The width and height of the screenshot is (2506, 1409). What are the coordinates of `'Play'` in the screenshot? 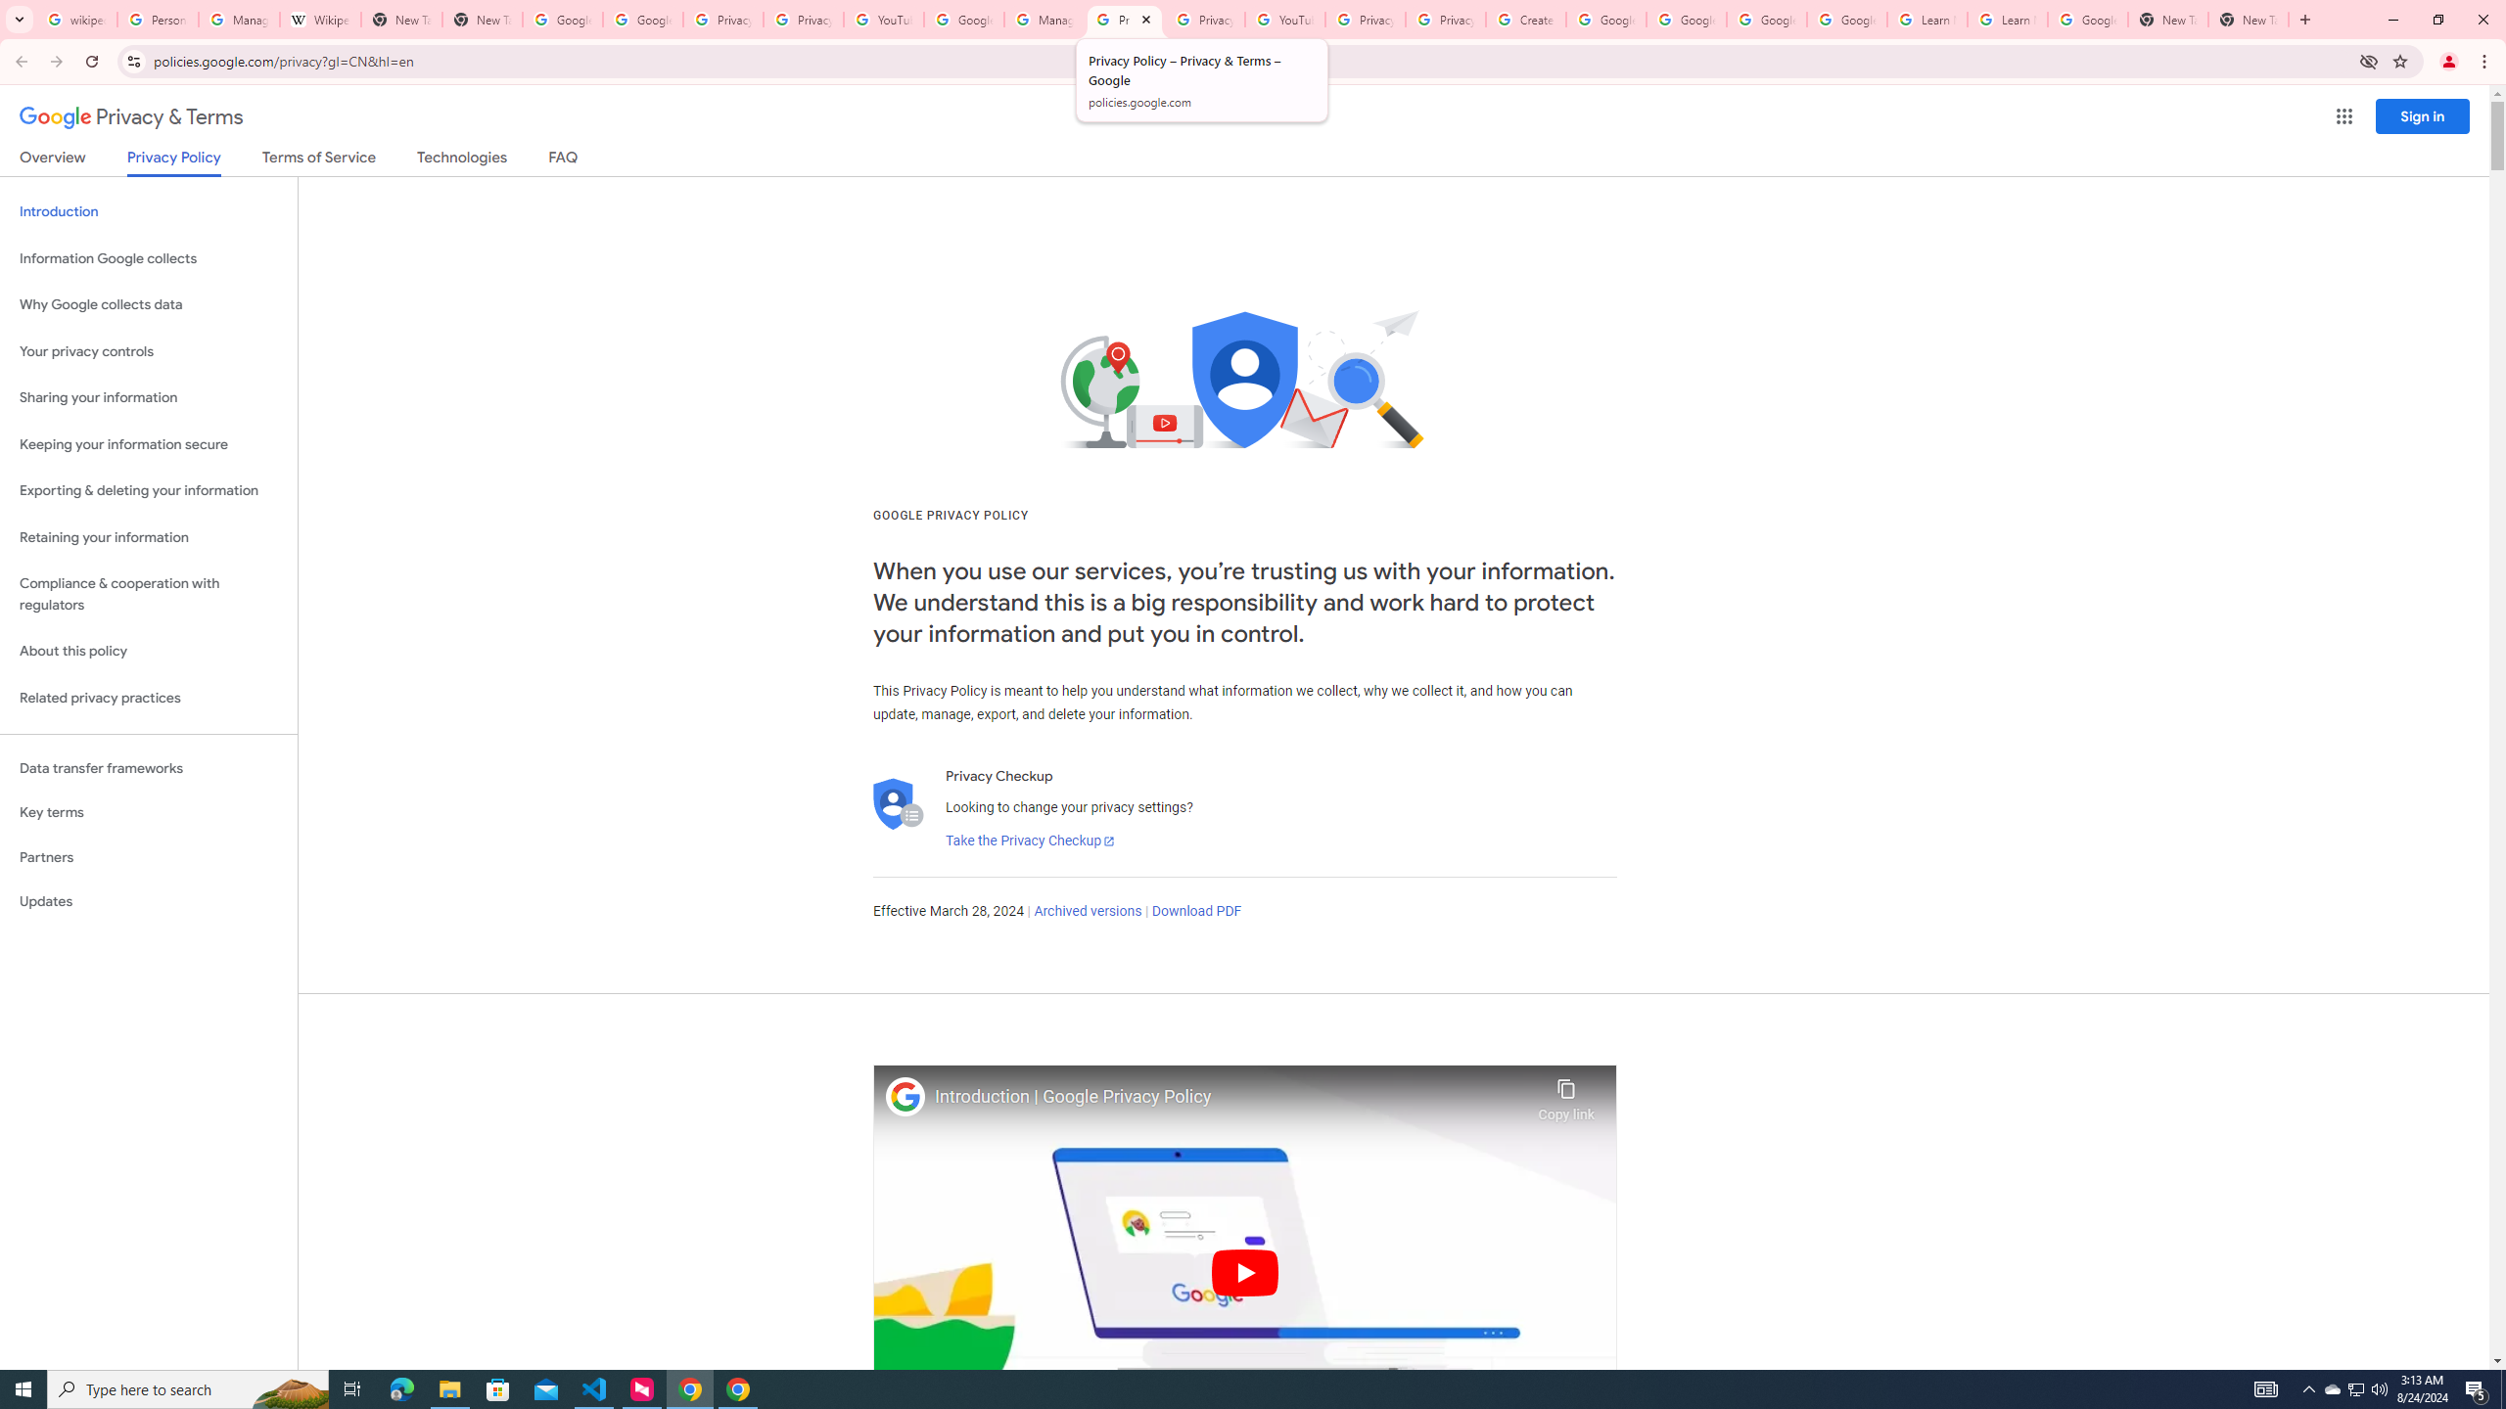 It's located at (1244, 1271).